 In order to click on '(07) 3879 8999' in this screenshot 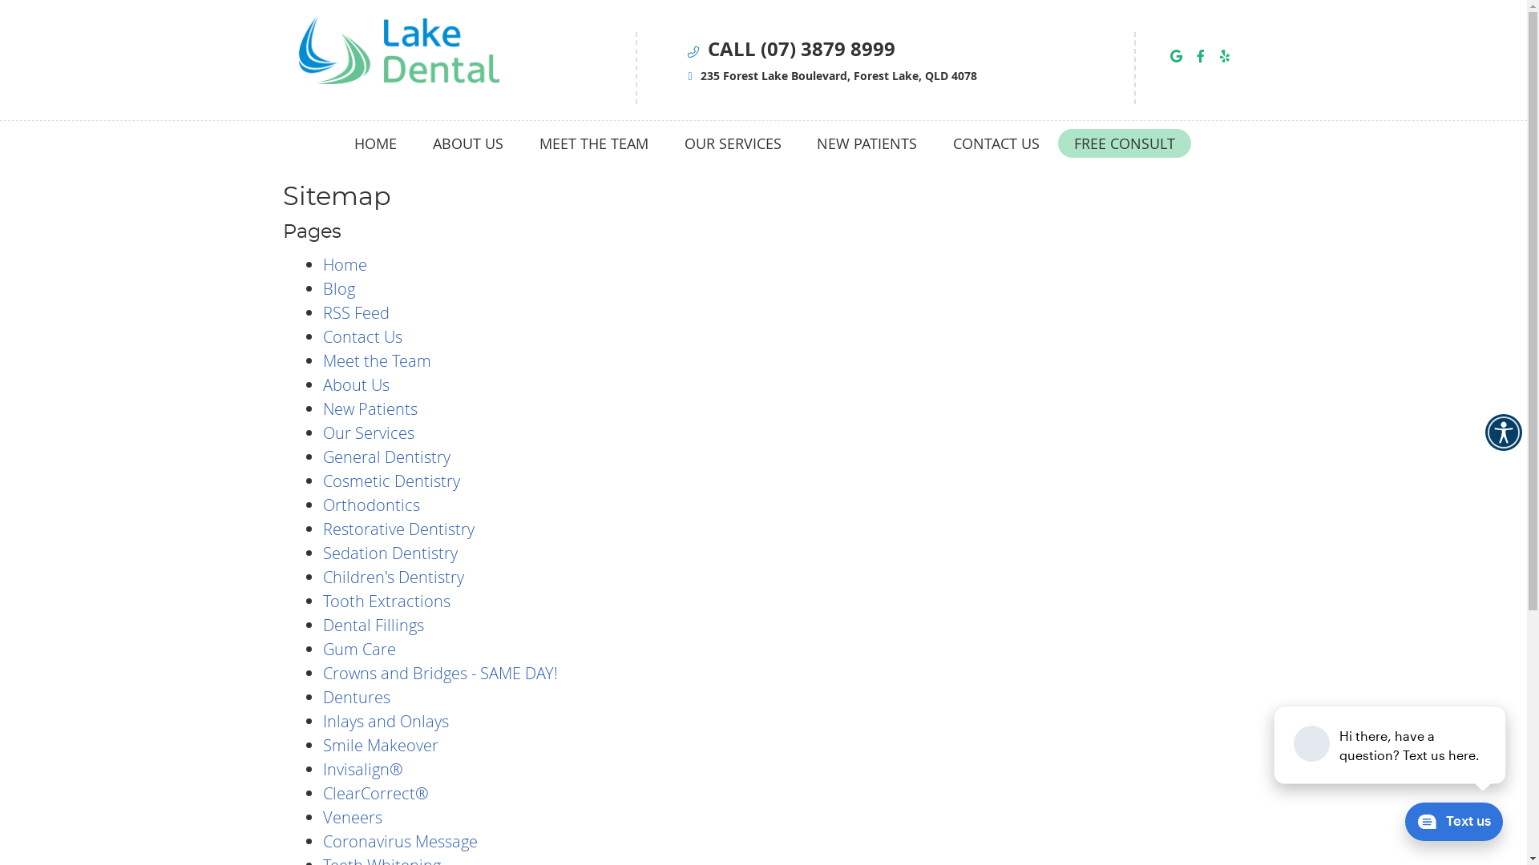, I will do `click(827, 48)`.